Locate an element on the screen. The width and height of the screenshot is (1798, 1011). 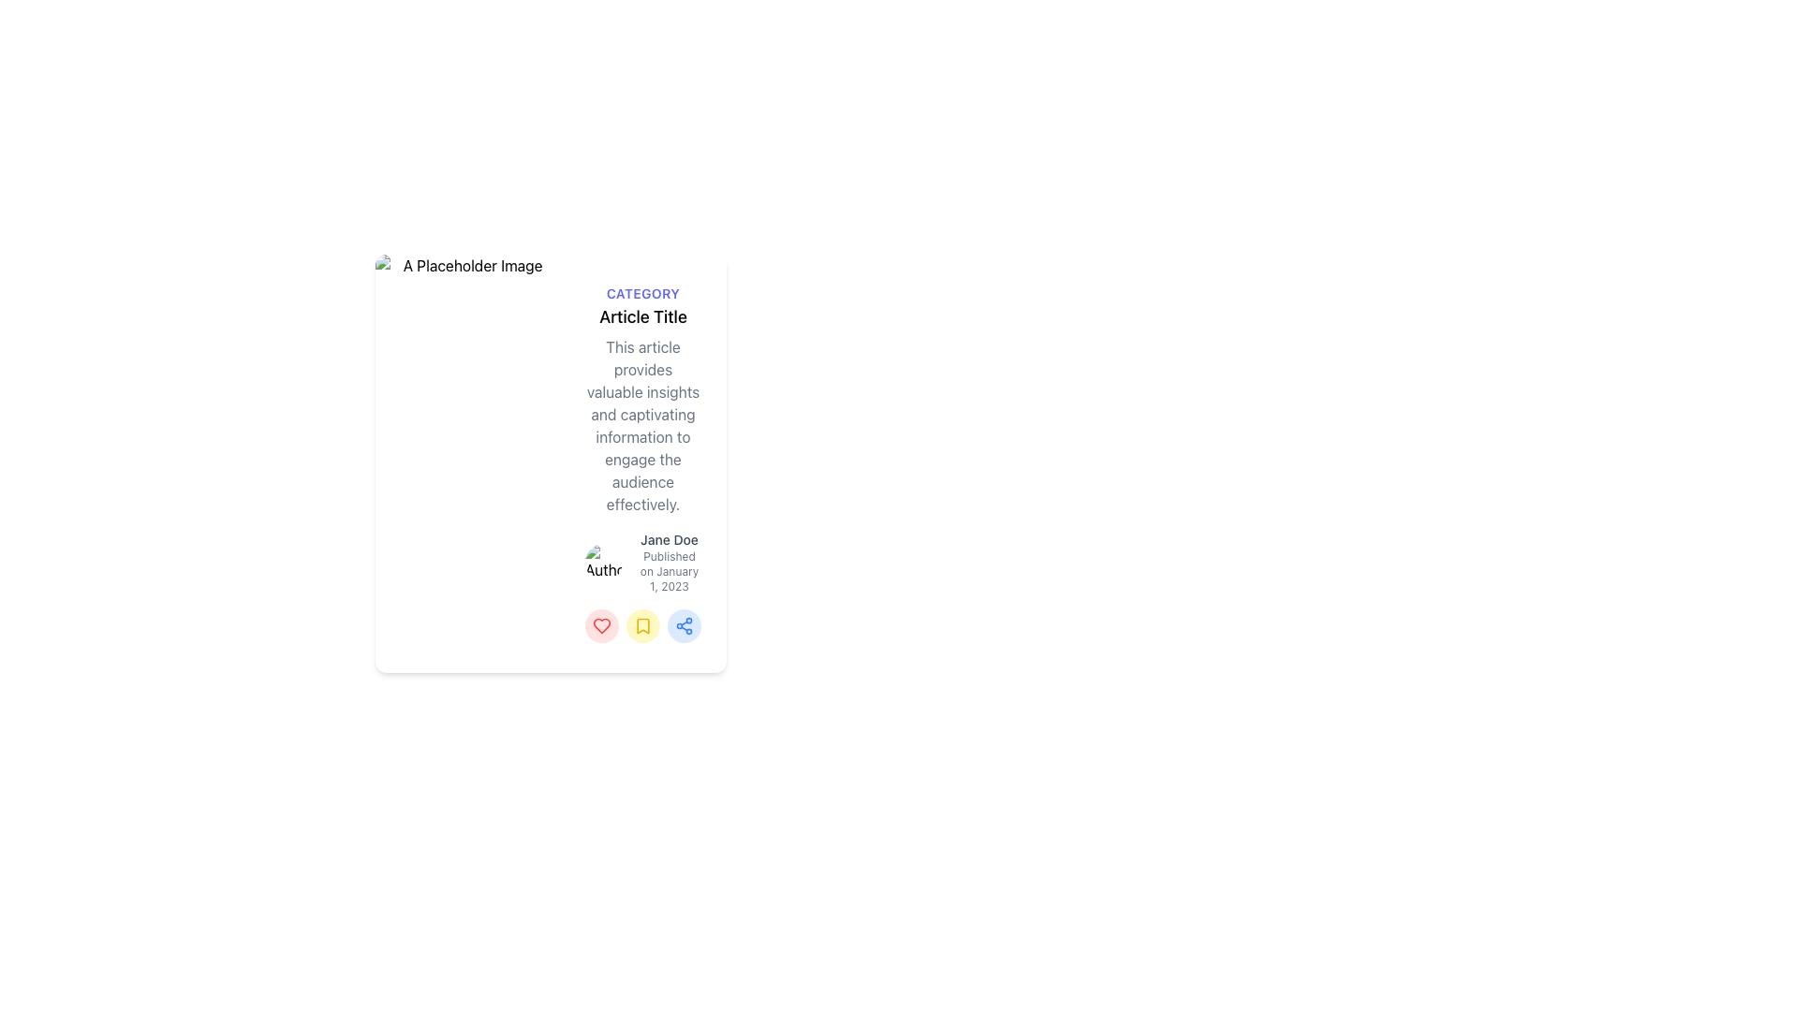
the Share icon within the circular button located at the bottom-right corner of the article card is located at coordinates (683, 625).